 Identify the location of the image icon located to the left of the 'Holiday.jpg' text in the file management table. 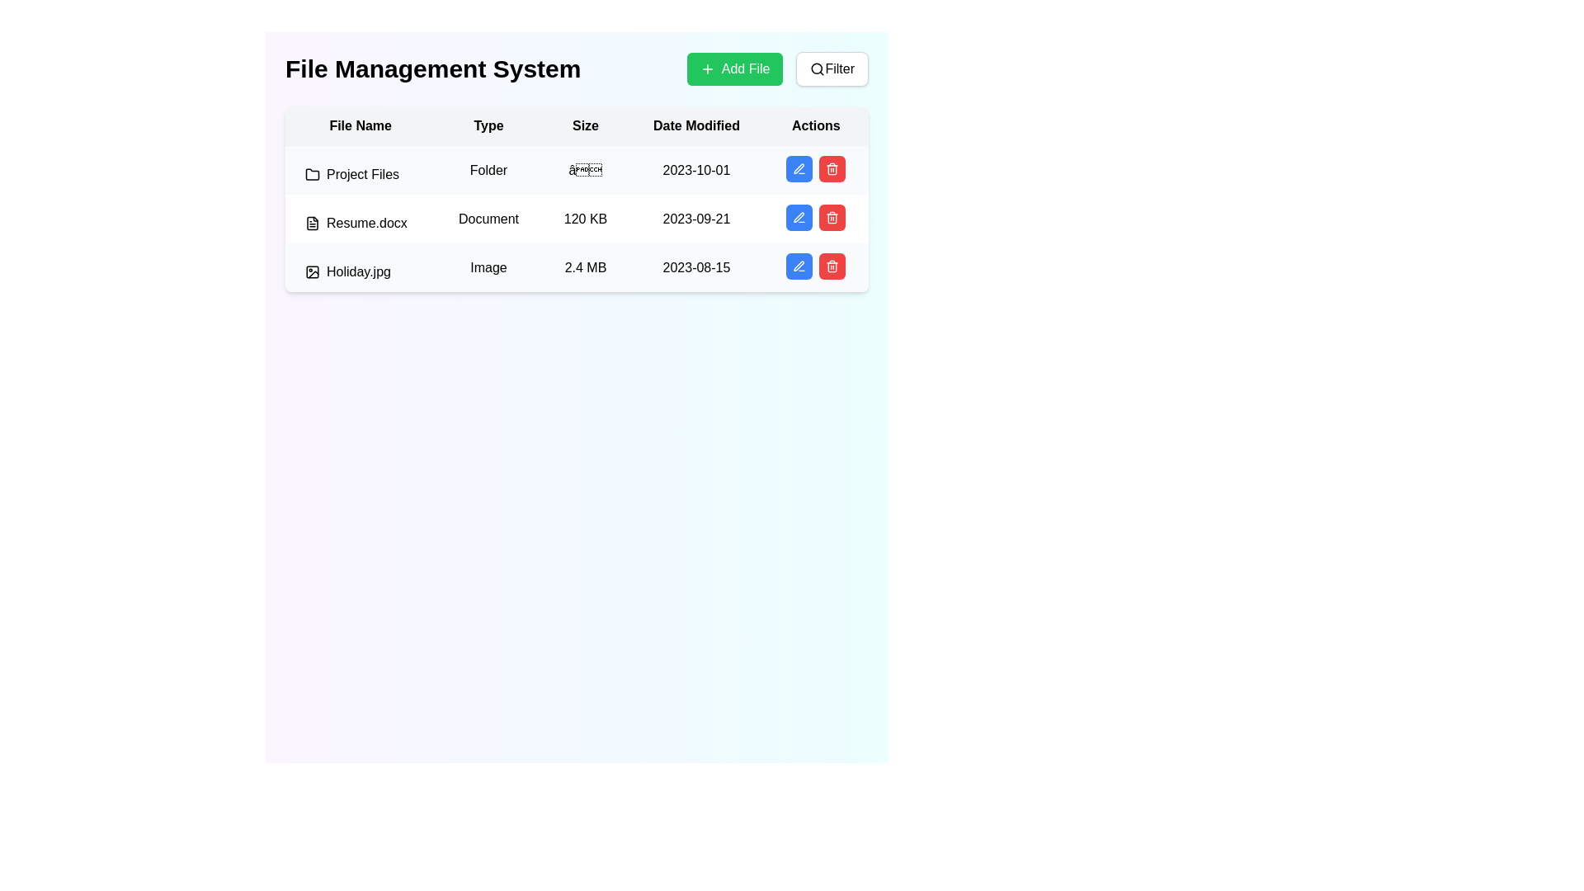
(313, 271).